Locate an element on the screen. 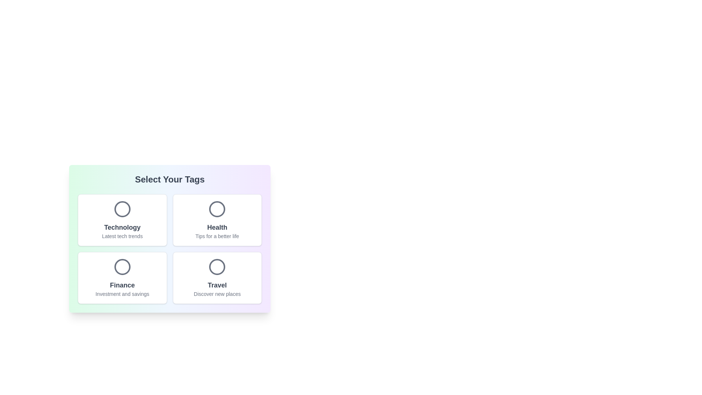 Image resolution: width=702 pixels, height=395 pixels. the tag card labeled Finance to toggle its selection is located at coordinates (122, 278).